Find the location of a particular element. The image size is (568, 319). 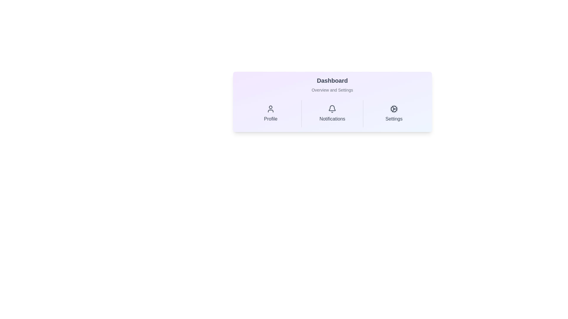

the bell-shaped notification icon located in the central section of the horizontal navigation menu is located at coordinates (332, 109).